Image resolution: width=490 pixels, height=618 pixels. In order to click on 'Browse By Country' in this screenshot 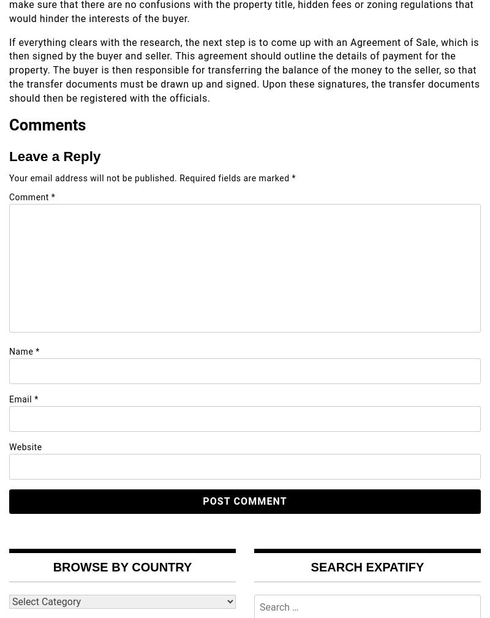, I will do `click(121, 566)`.